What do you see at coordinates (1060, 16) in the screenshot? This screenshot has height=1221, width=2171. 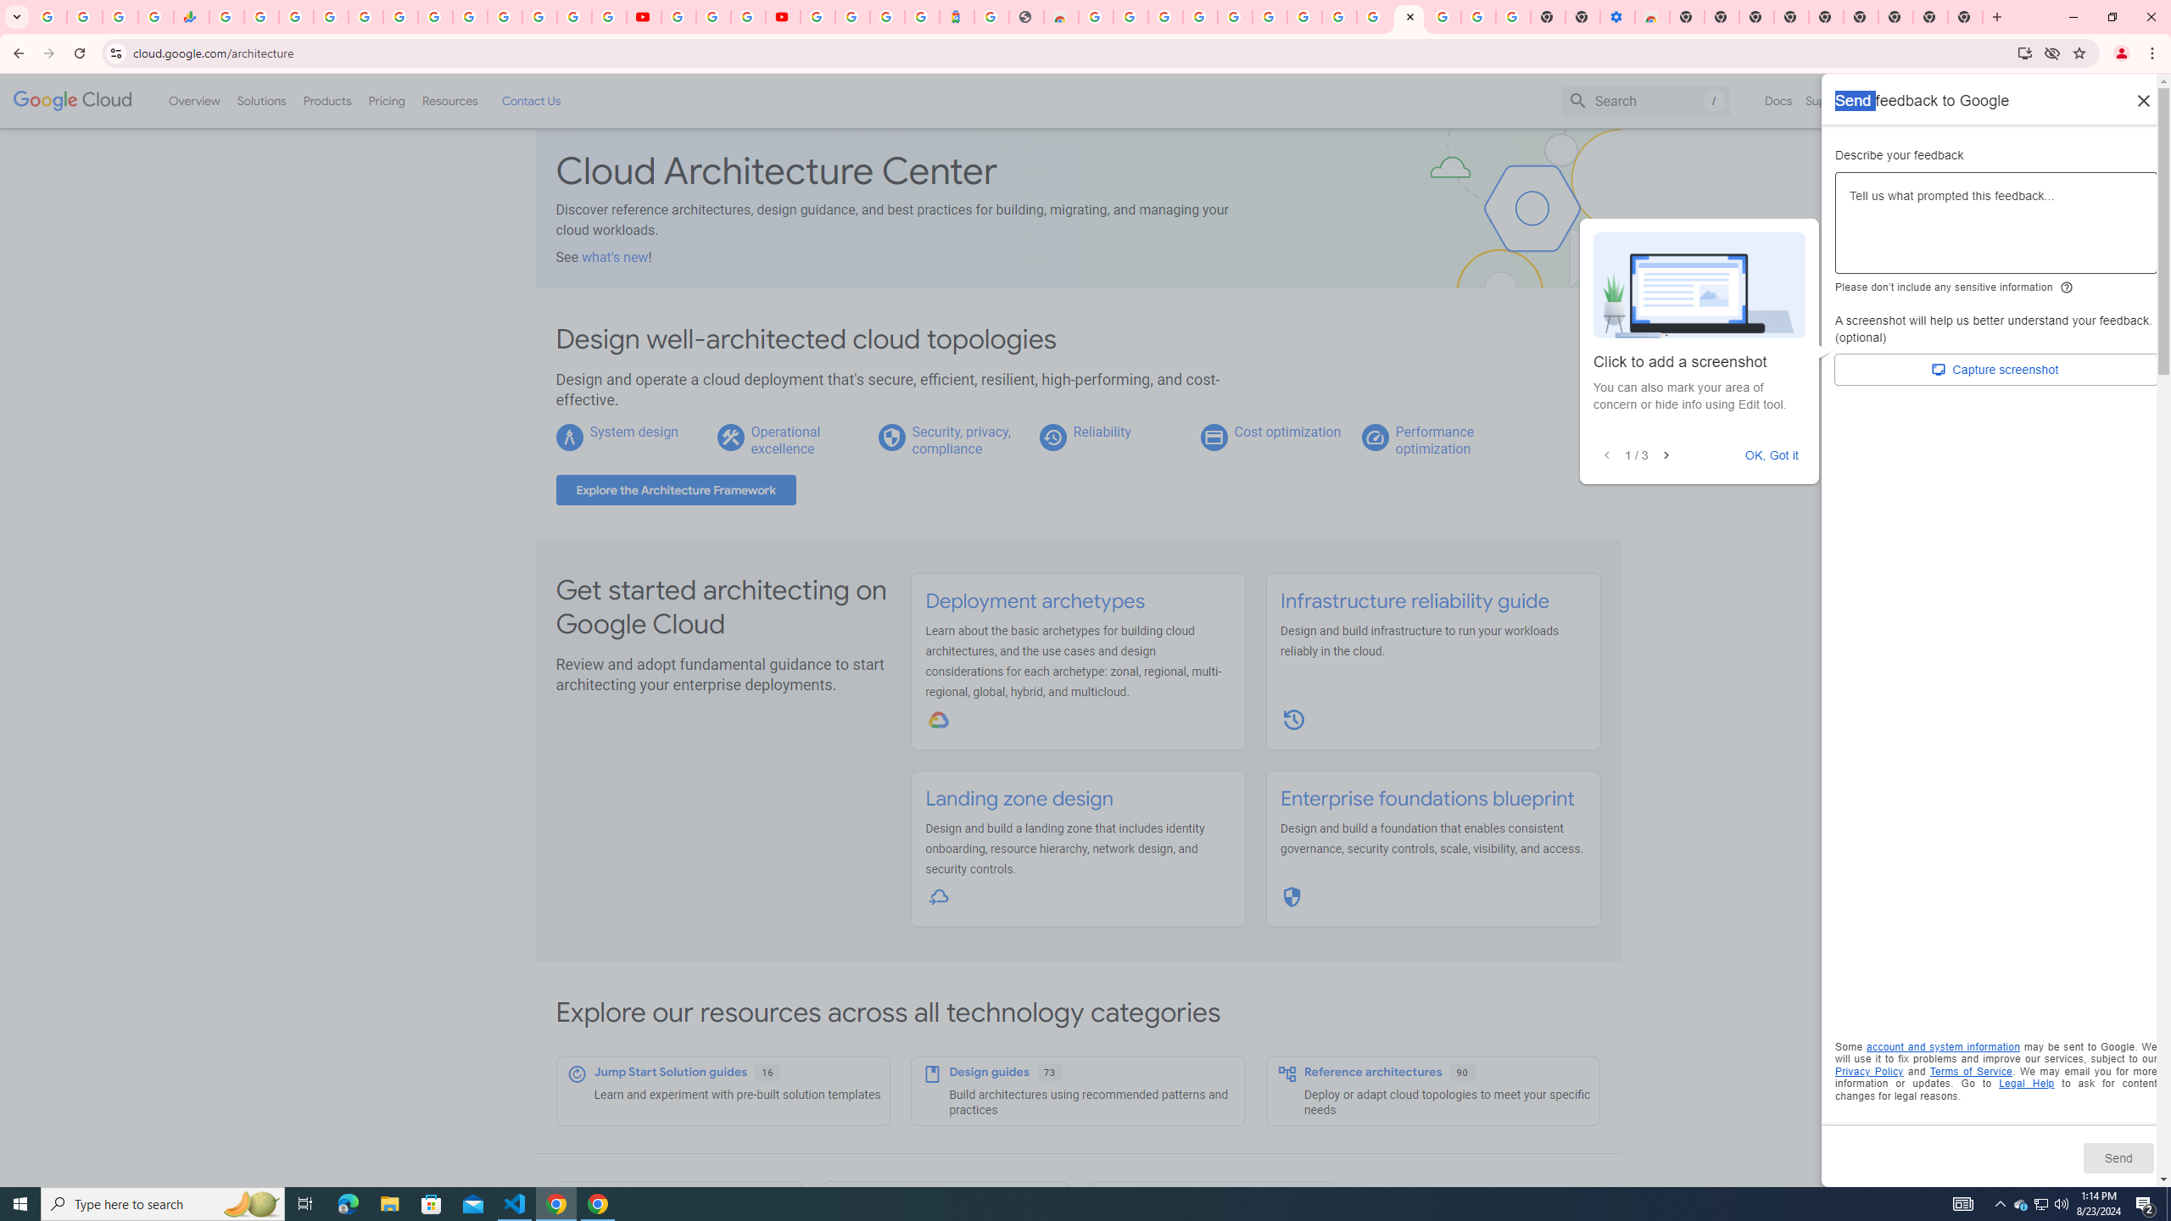 I see `'Chrome Web Store - Household'` at bounding box center [1060, 16].